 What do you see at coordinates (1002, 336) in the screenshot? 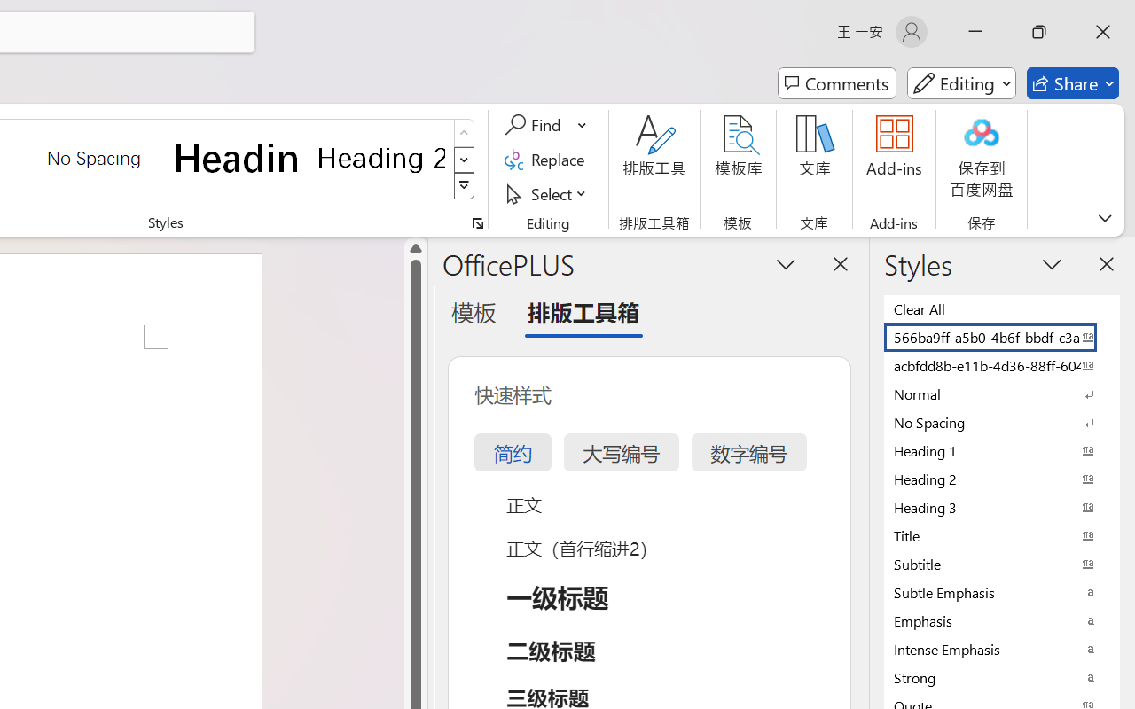
I see `'566ba9ff-a5b0-4b6f-bbdf-c3ab41993fc2'` at bounding box center [1002, 336].